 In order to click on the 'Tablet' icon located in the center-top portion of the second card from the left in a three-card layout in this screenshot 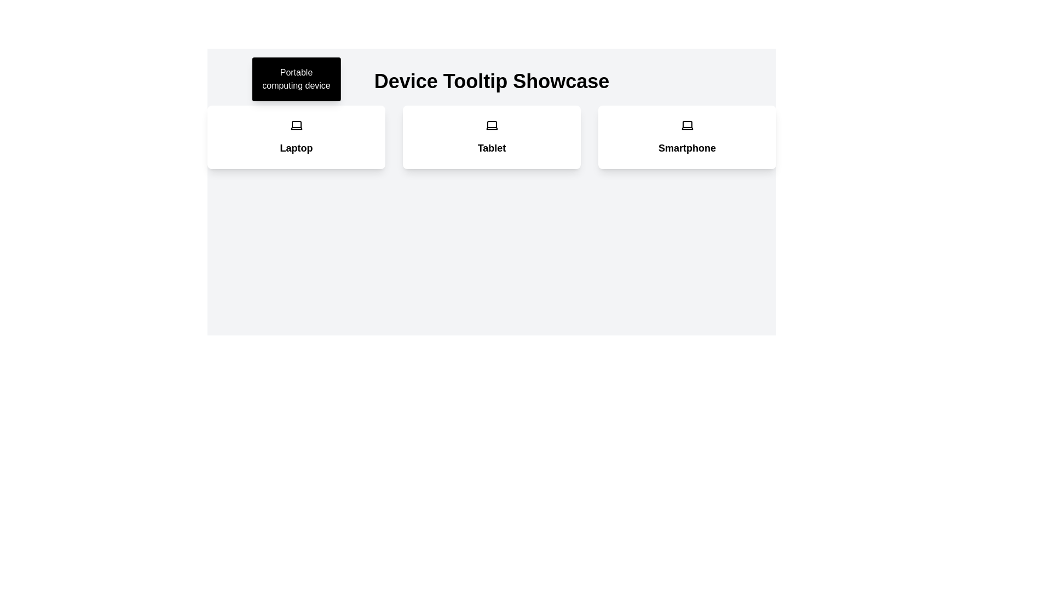, I will do `click(491, 124)`.